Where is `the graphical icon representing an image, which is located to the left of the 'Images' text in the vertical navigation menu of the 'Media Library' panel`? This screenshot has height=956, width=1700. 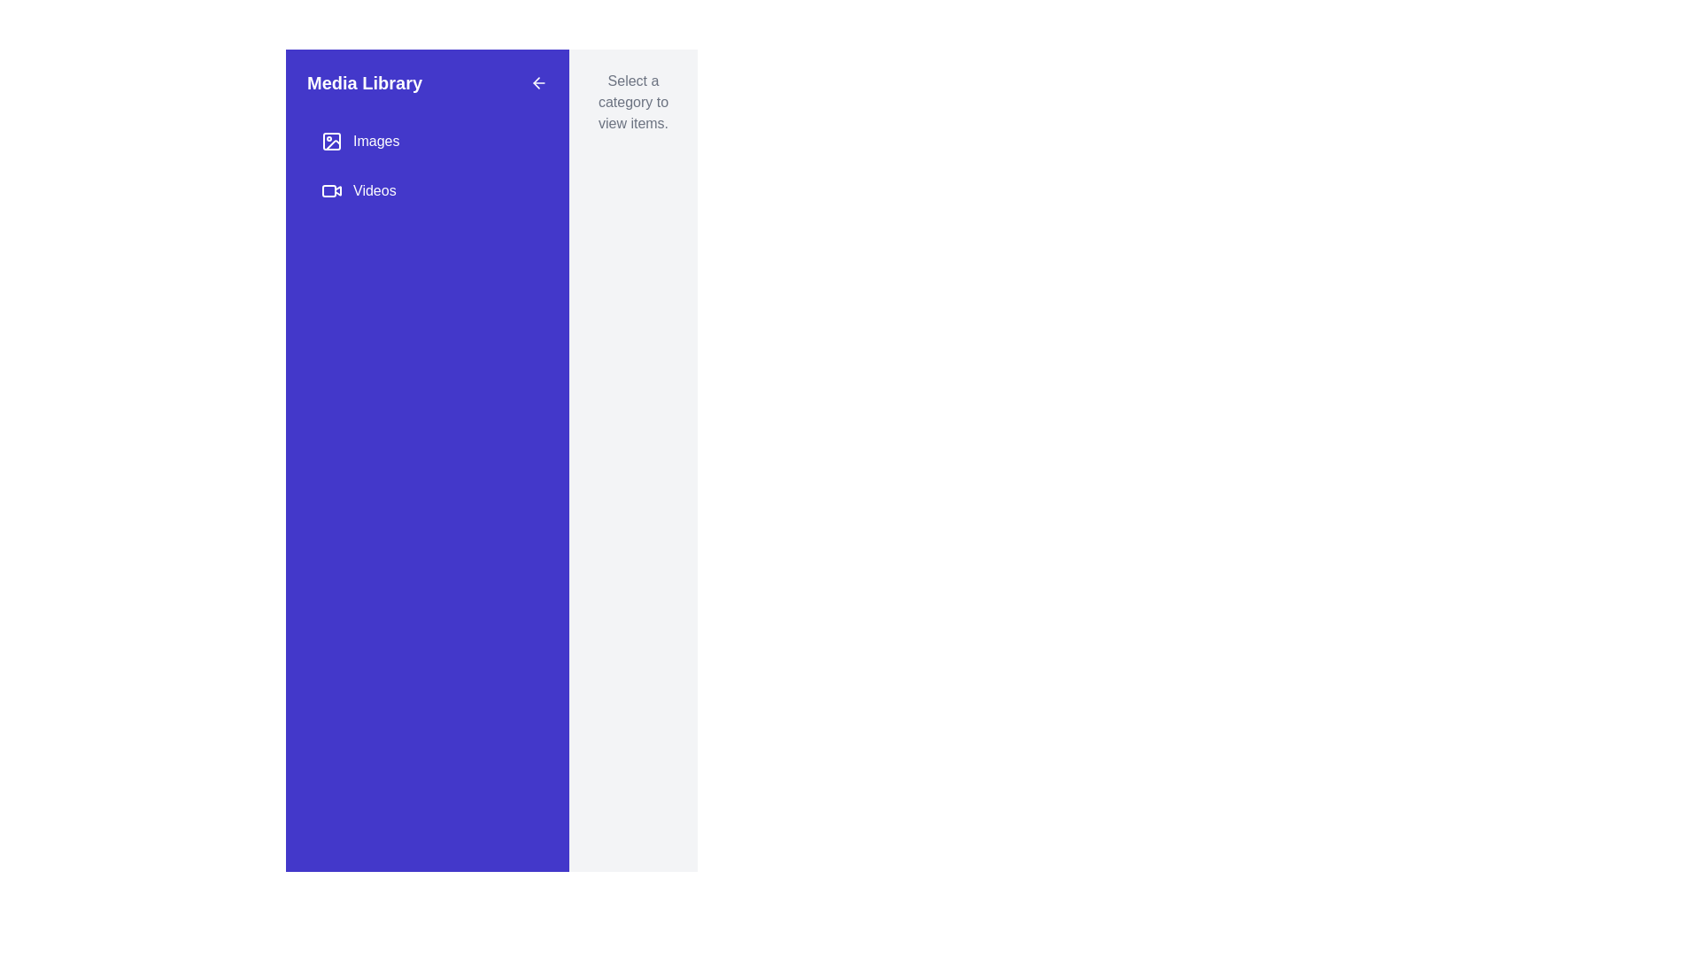
the graphical icon representing an image, which is located to the left of the 'Images' text in the vertical navigation menu of the 'Media Library' panel is located at coordinates (331, 140).